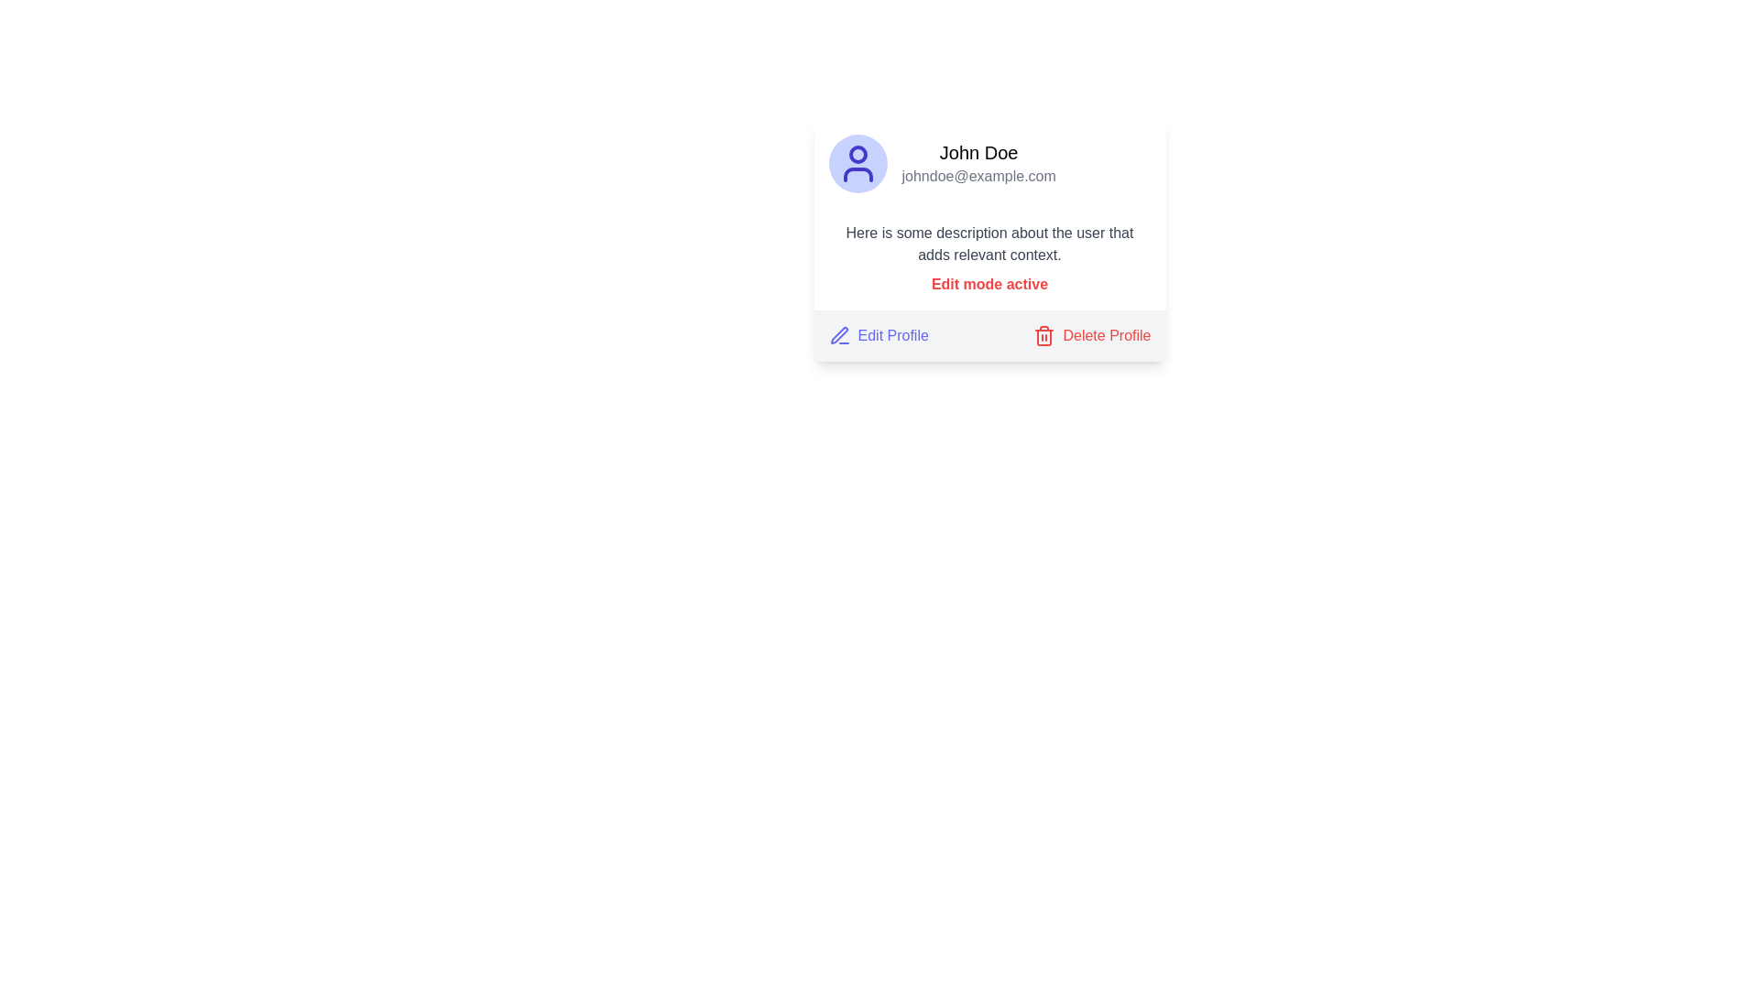 The image size is (1759, 989). What do you see at coordinates (1092, 335) in the screenshot?
I see `the red 'Delete Profile' button with a trash bin icon` at bounding box center [1092, 335].